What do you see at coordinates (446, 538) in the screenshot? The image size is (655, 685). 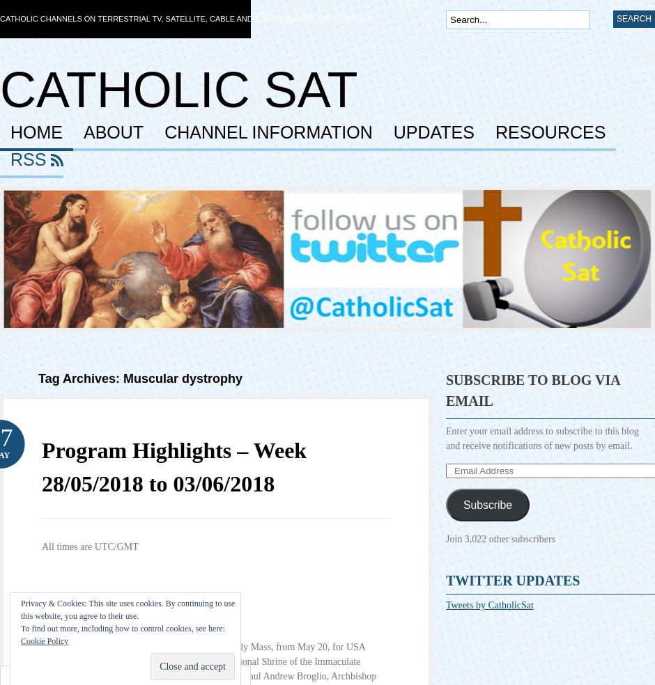 I see `'Join 3,022 other subscribers'` at bounding box center [446, 538].